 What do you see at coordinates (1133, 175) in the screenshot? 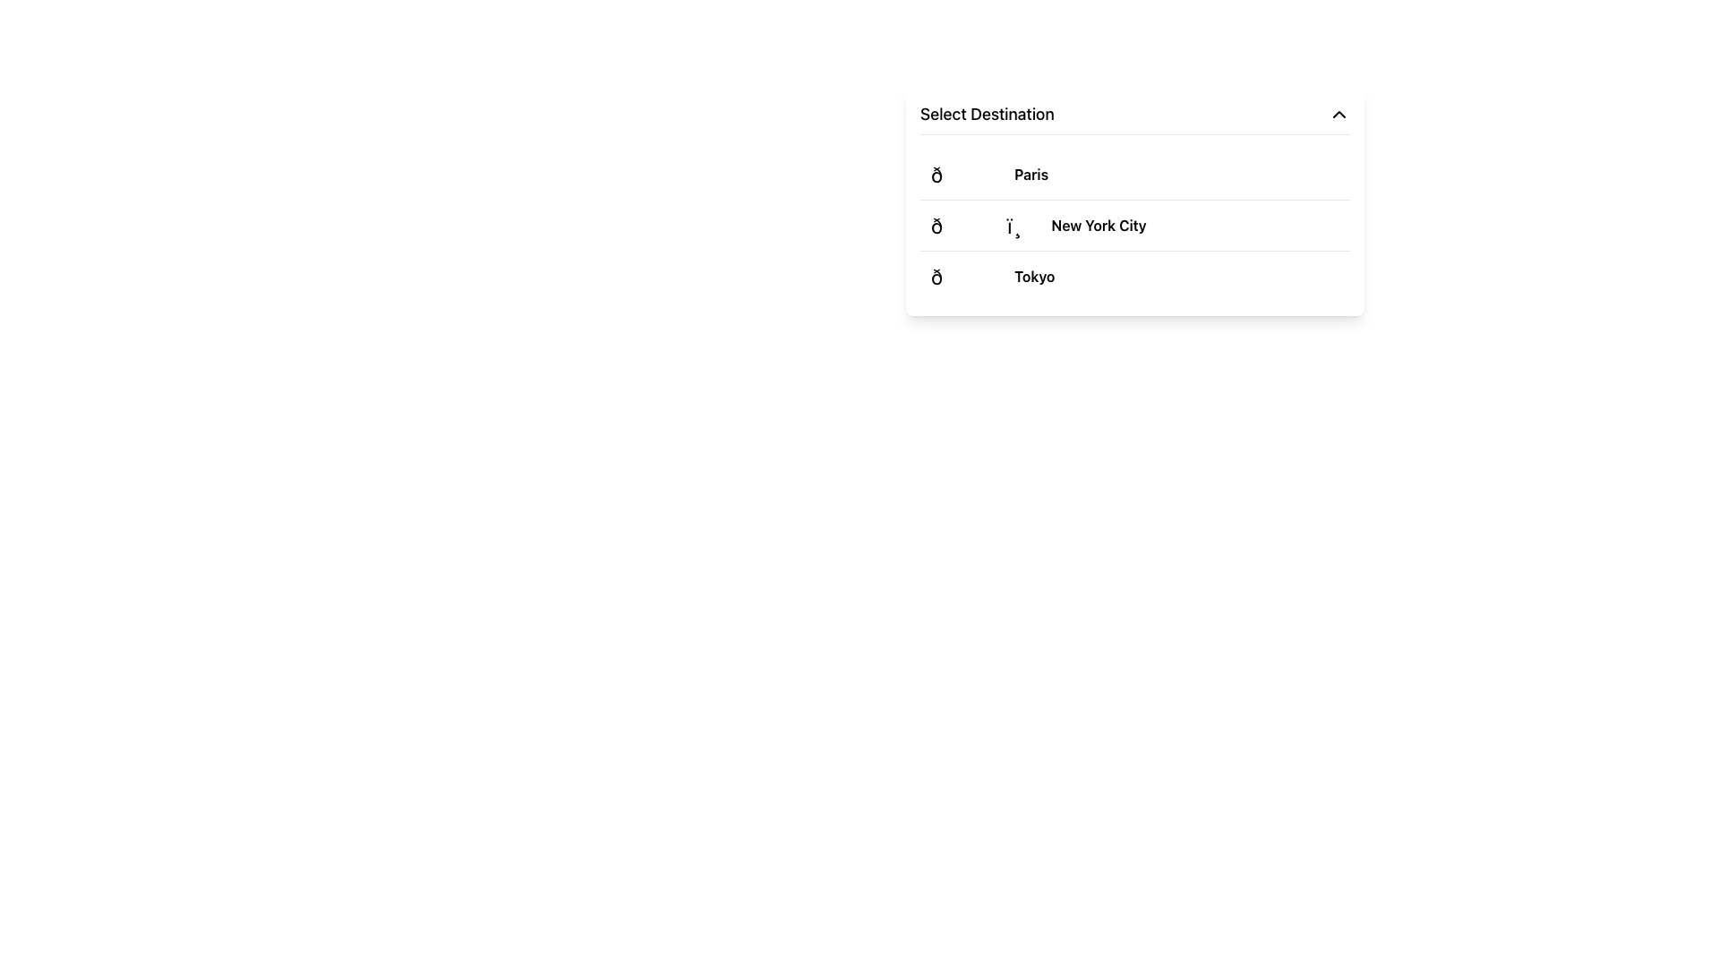
I see `the first selectable menu item labeled 'Paris' with a globe emoji` at bounding box center [1133, 175].